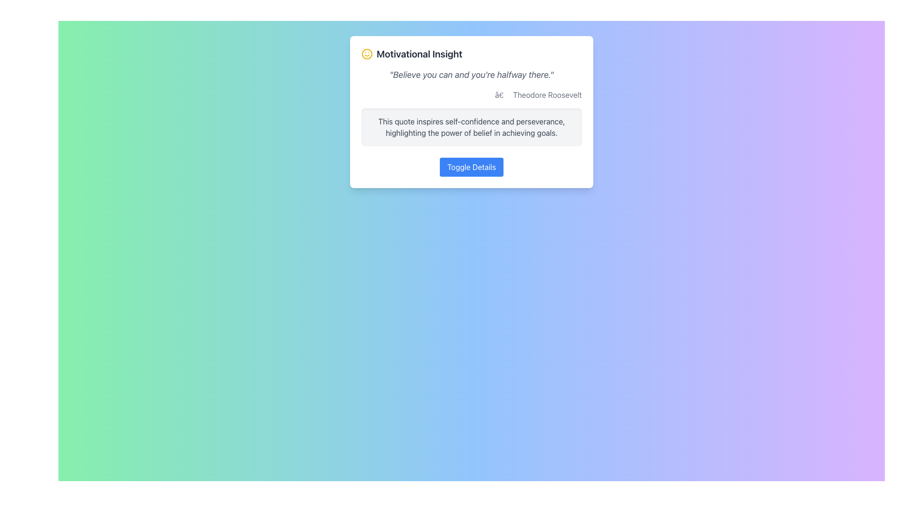 The height and width of the screenshot is (513, 912). Describe the element at coordinates (472, 166) in the screenshot. I see `the interactive button at the bottom of the motivational quote card` at that location.